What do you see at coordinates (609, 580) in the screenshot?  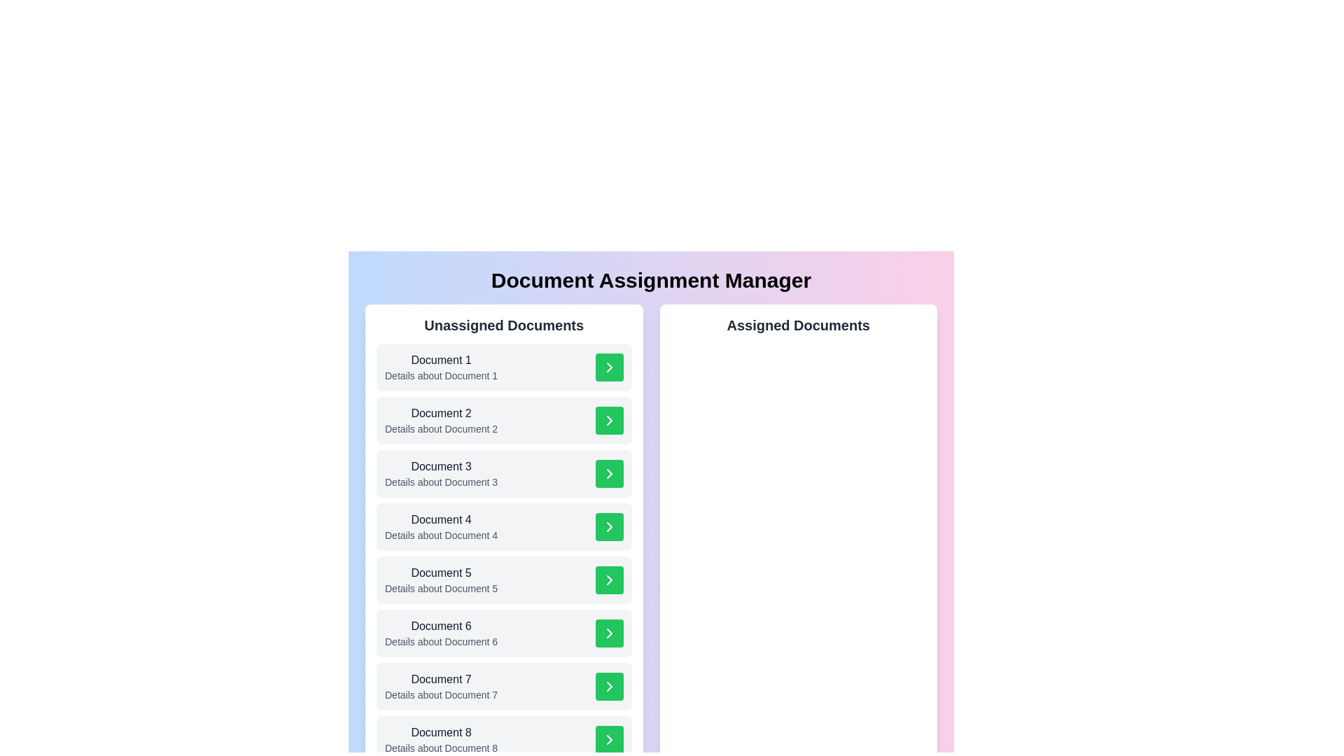 I see `the Icon button for 'Document 5'` at bounding box center [609, 580].